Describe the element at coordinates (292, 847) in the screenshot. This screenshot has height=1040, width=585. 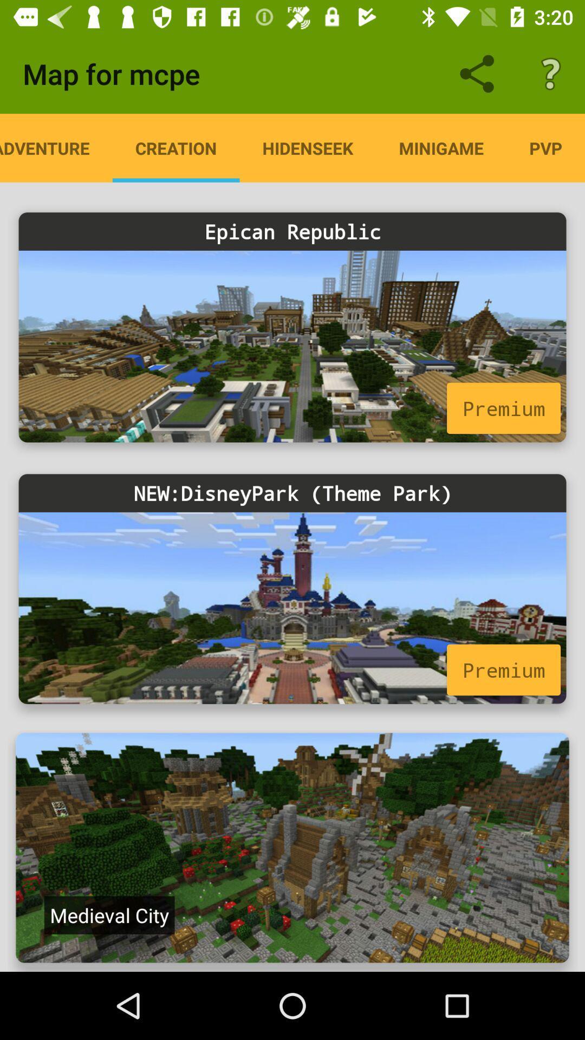
I see `share the article` at that location.